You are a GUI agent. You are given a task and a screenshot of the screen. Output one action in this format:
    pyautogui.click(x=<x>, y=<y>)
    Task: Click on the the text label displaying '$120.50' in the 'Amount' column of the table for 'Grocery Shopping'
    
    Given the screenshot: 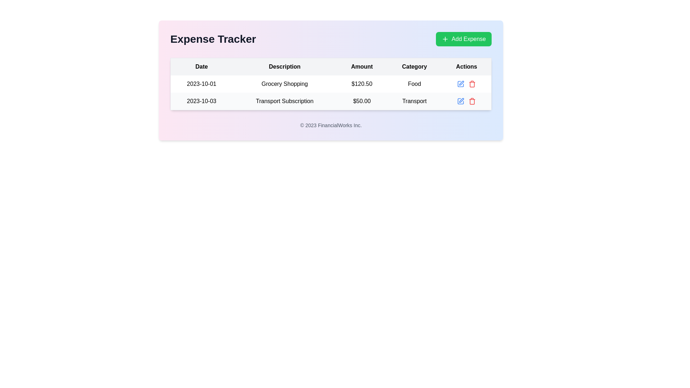 What is the action you would take?
    pyautogui.click(x=362, y=84)
    